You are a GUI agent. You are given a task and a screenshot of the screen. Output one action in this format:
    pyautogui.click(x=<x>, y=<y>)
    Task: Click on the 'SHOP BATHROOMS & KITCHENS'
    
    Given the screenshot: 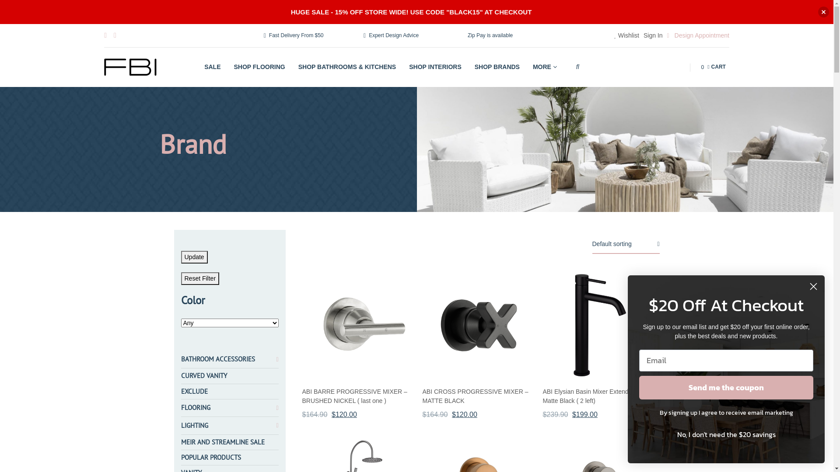 What is the action you would take?
    pyautogui.click(x=294, y=67)
    